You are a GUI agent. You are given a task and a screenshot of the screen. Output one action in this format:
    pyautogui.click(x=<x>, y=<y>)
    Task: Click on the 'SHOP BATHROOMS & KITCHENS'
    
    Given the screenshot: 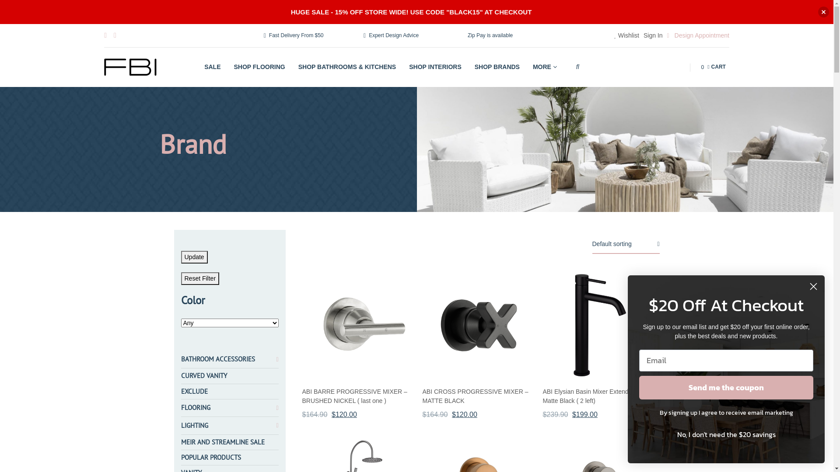 What is the action you would take?
    pyautogui.click(x=294, y=67)
    